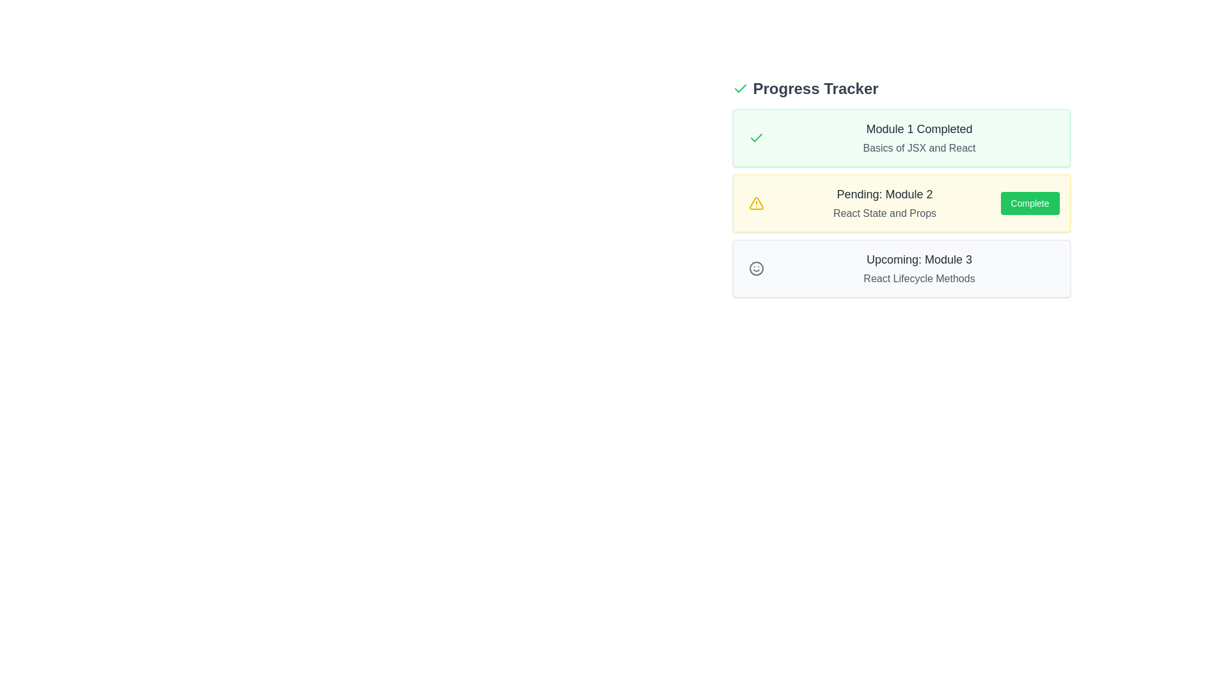 The image size is (1228, 691). What do you see at coordinates (884, 195) in the screenshot?
I see `the Static Text Label displaying 'Pending: Module 2' which is prominently positioned within a yellow background card in the 'Progress Tracker' section` at bounding box center [884, 195].